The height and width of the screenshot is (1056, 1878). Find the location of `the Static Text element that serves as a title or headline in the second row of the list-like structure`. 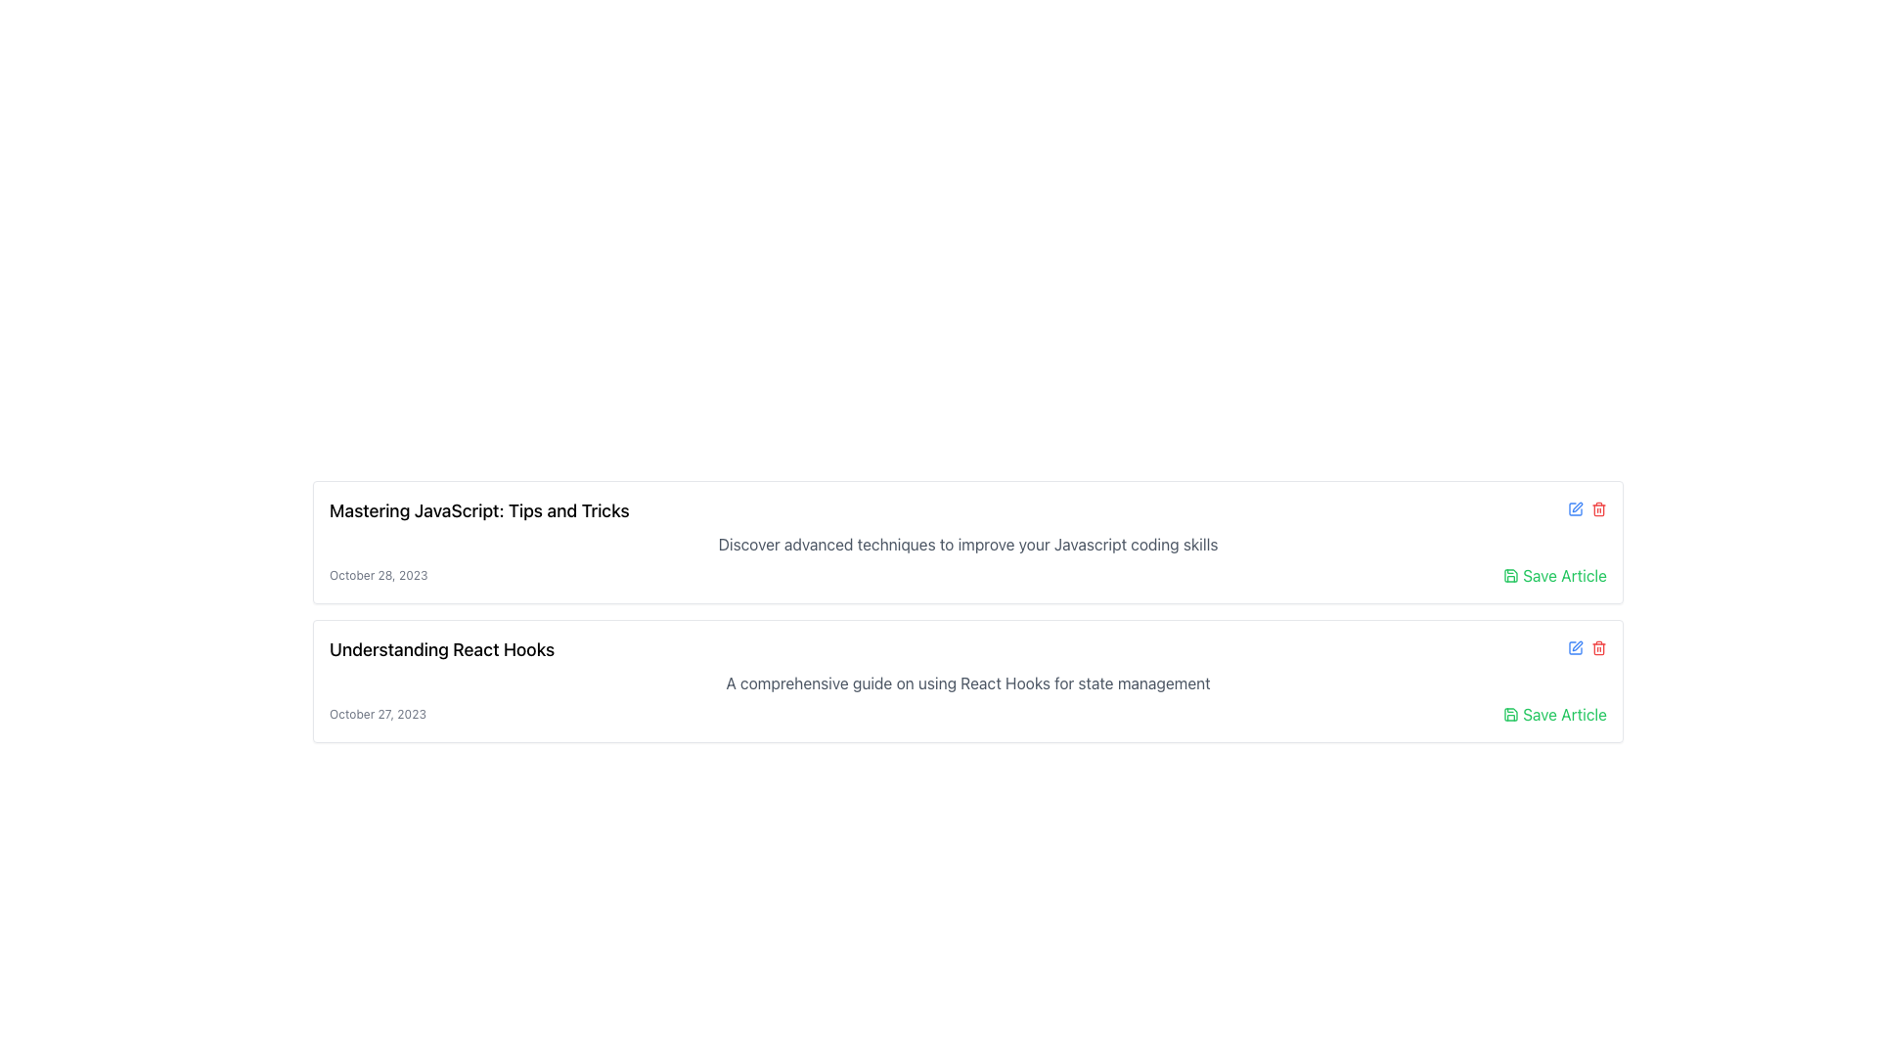

the Static Text element that serves as a title or headline in the second row of the list-like structure is located at coordinates (440, 649).